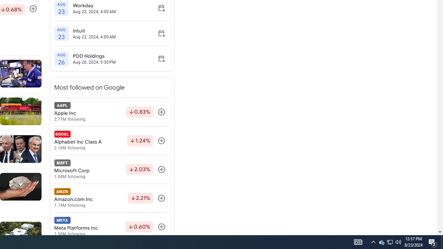  What do you see at coordinates (161, 58) in the screenshot?
I see `'Add to calendar'` at bounding box center [161, 58].